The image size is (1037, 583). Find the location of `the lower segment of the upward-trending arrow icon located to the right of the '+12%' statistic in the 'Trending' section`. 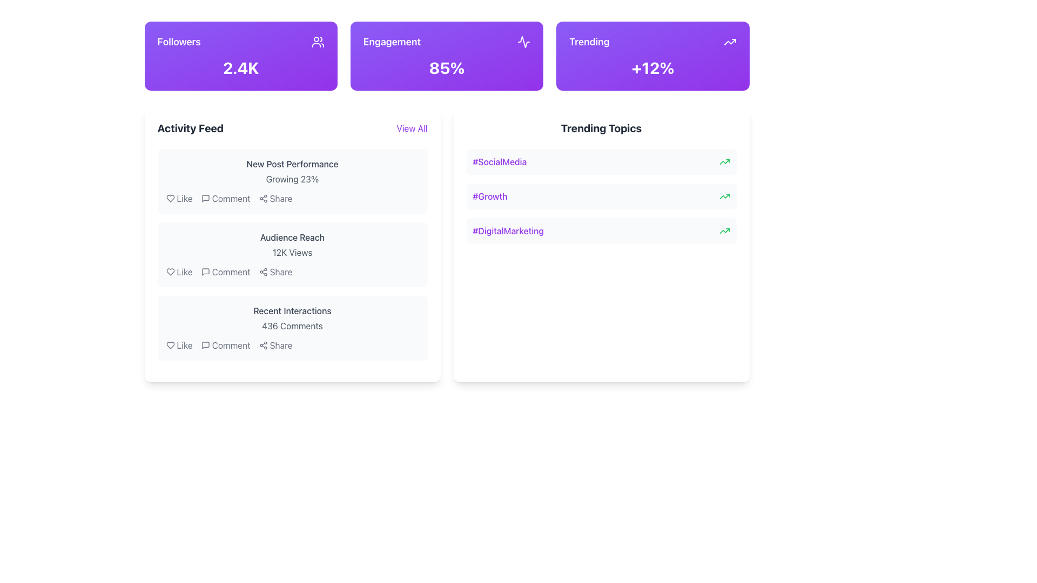

the lower segment of the upward-trending arrow icon located to the right of the '+12%' statistic in the 'Trending' section is located at coordinates (724, 162).